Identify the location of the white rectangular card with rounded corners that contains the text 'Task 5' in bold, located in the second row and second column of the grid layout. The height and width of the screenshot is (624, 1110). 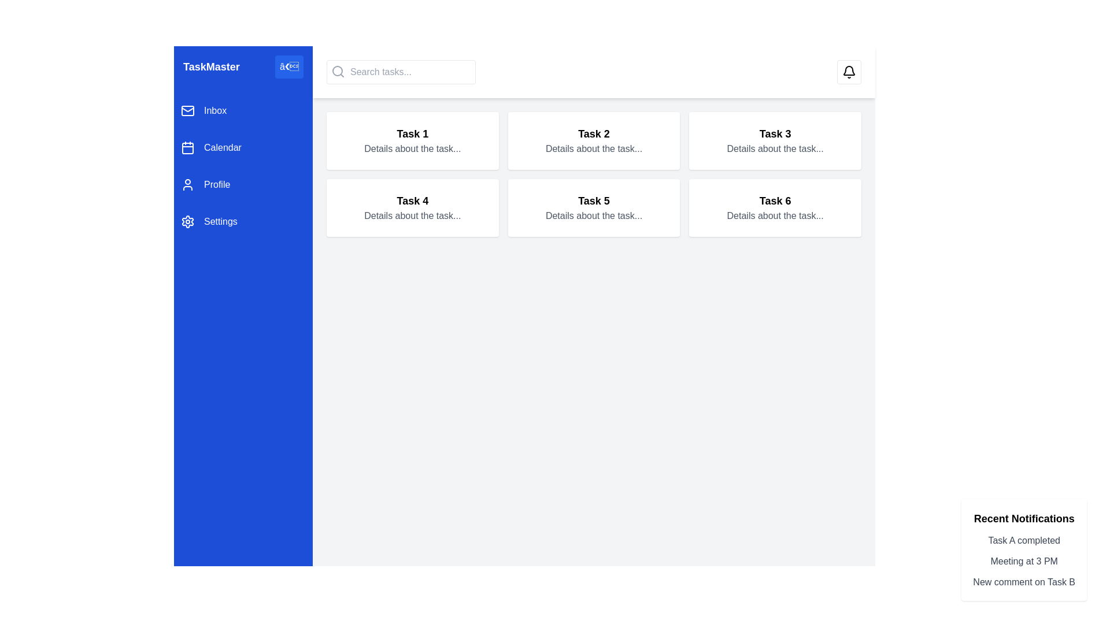
(594, 207).